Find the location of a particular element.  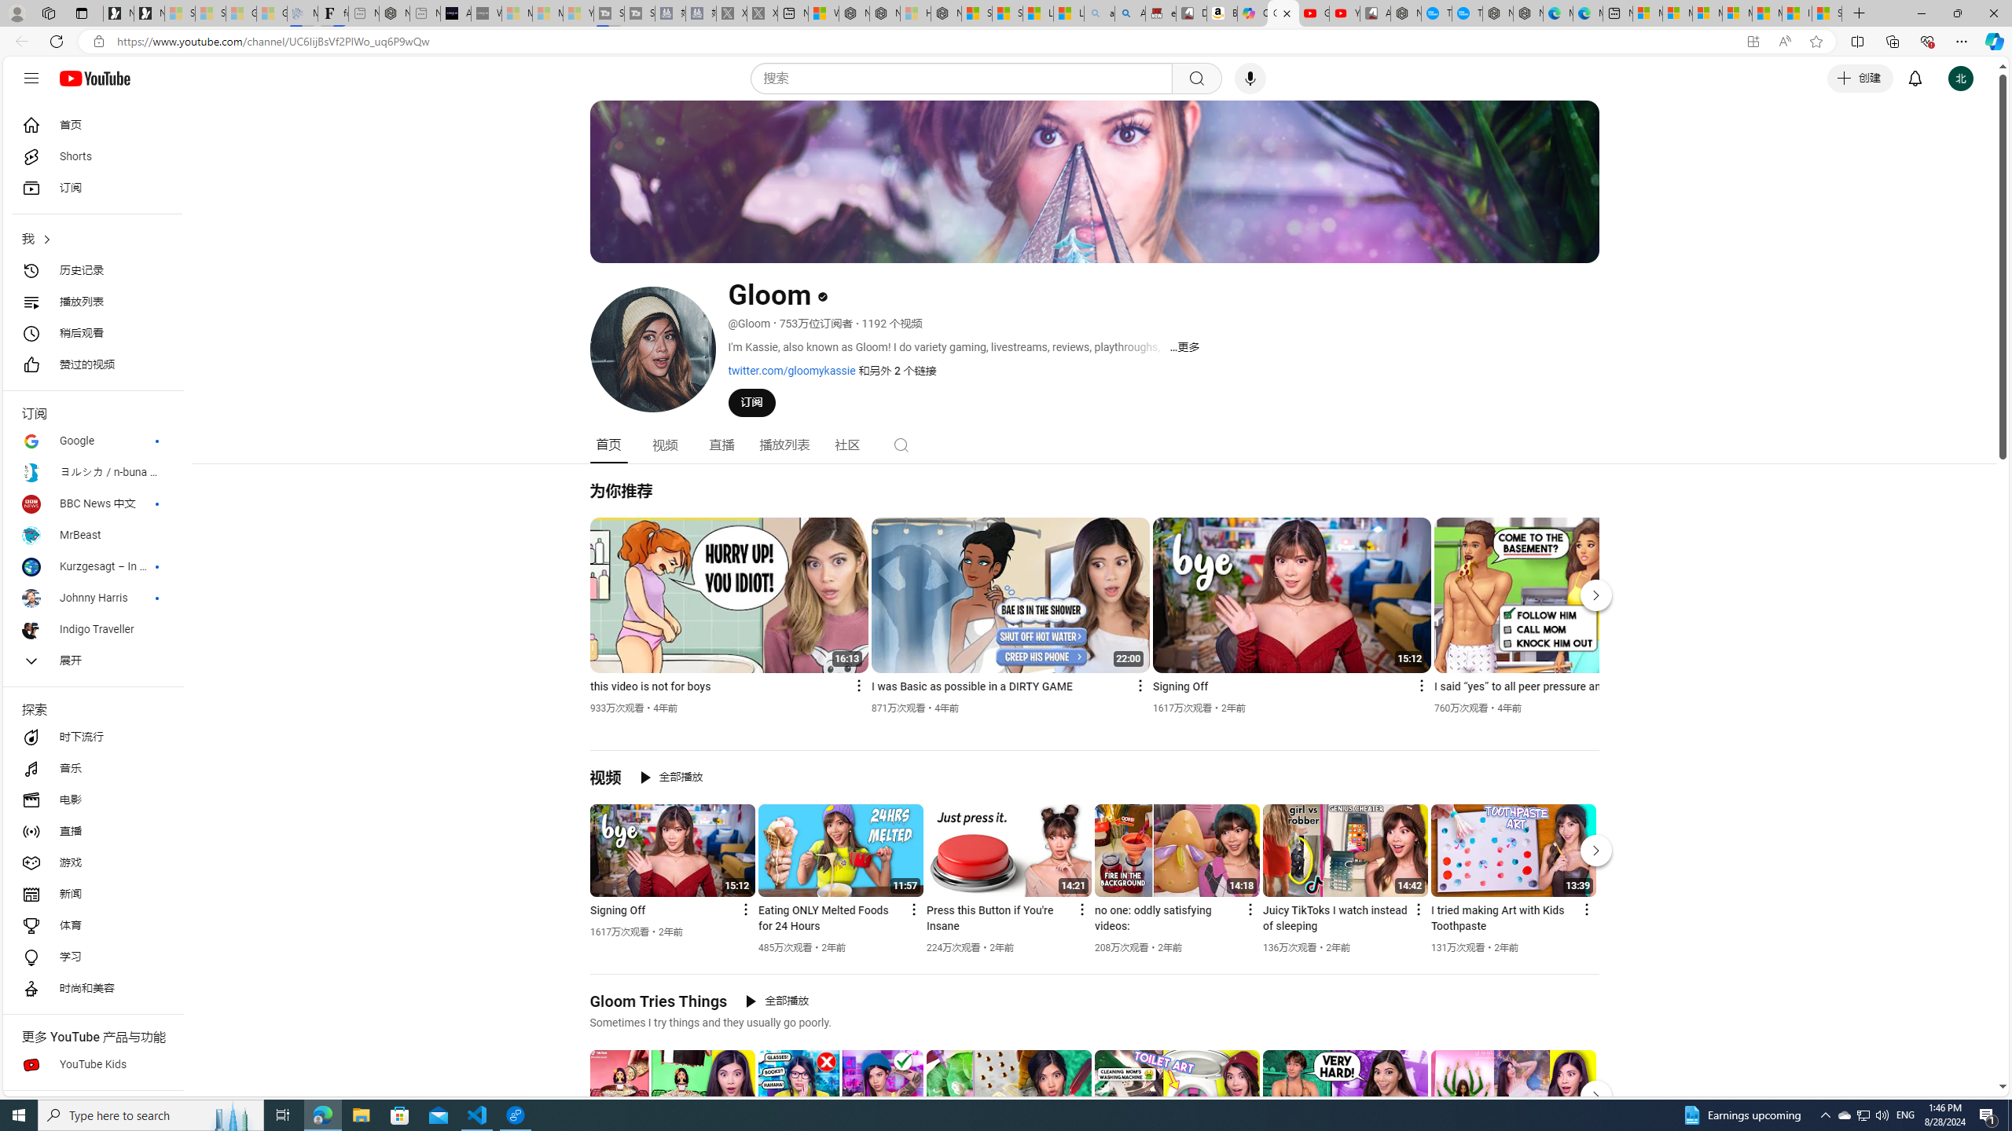

'What' is located at coordinates (486, 13).